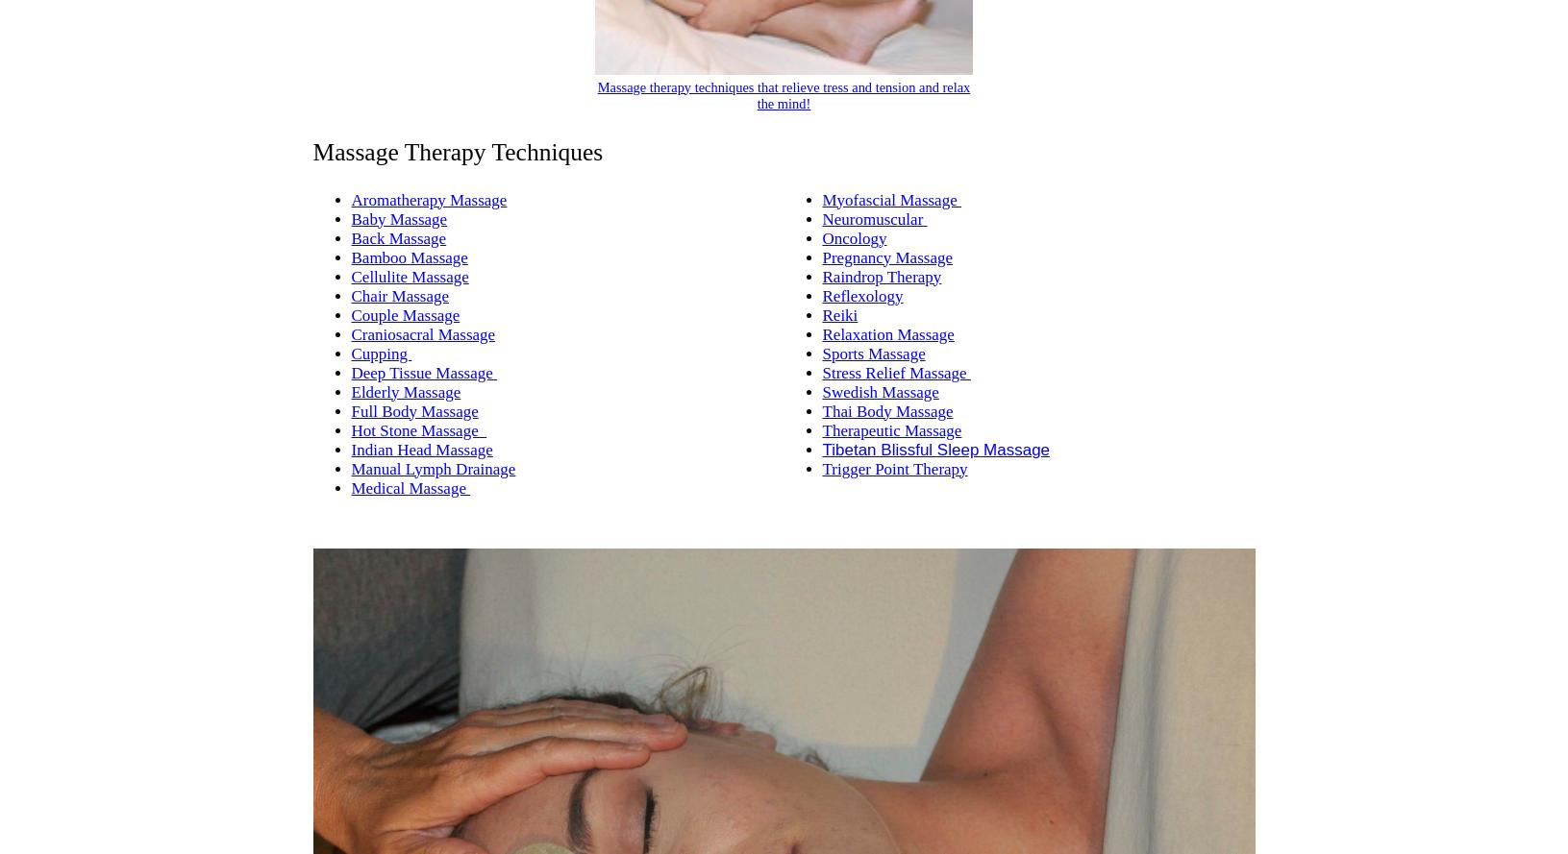  Describe the element at coordinates (418, 428) in the screenshot. I see `'Hot Stone Massage'` at that location.